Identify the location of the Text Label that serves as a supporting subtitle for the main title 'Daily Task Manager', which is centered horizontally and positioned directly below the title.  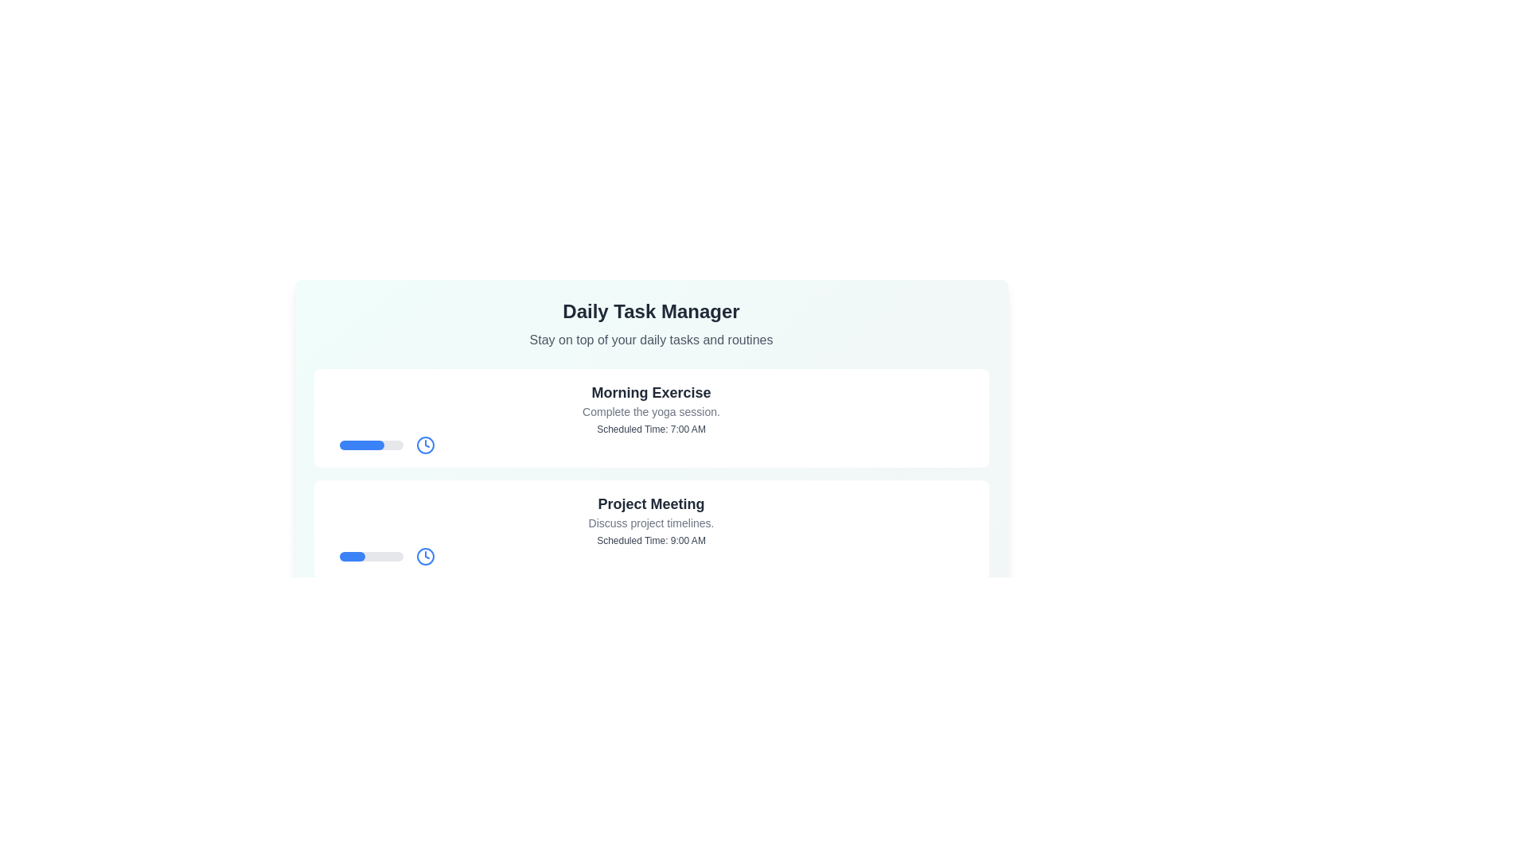
(651, 340).